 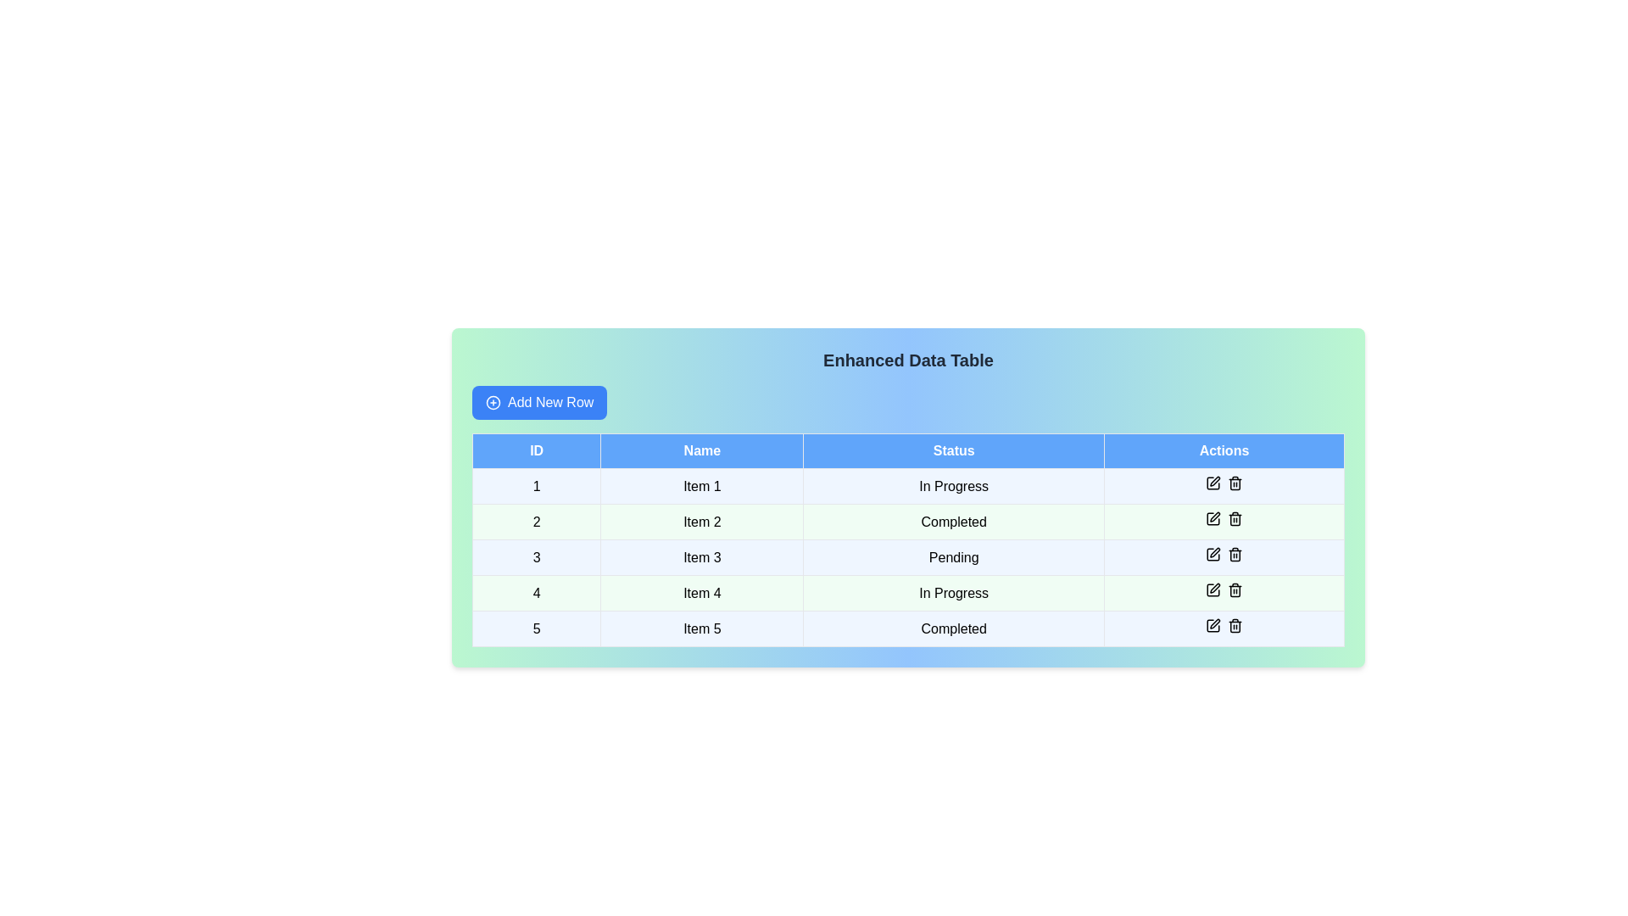 What do you see at coordinates (702, 450) in the screenshot?
I see `the 'Name' column header in the data table, which is the second column header positioned between the 'ID' and 'Status' columns` at bounding box center [702, 450].